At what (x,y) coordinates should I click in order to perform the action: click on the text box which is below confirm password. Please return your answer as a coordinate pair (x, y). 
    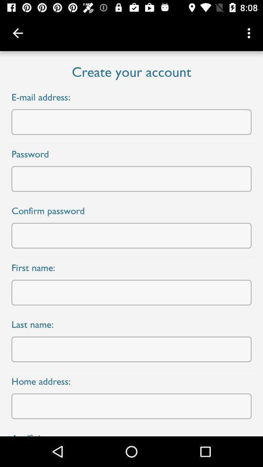
    Looking at the image, I should click on (131, 235).